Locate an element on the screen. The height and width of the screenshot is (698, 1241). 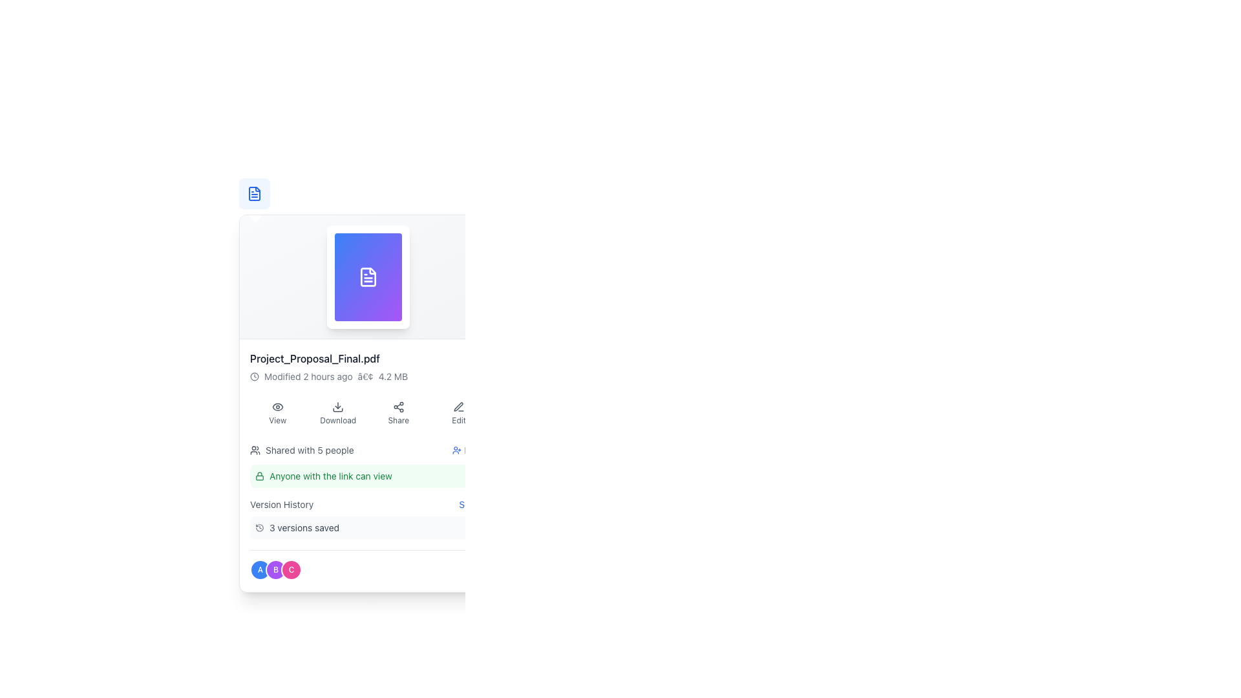
the circular badge labeled 'B', which serves as a visual identifier and is the middle badge in a group of three badges located at the bottom-left corner of the interface is located at coordinates (275, 569).